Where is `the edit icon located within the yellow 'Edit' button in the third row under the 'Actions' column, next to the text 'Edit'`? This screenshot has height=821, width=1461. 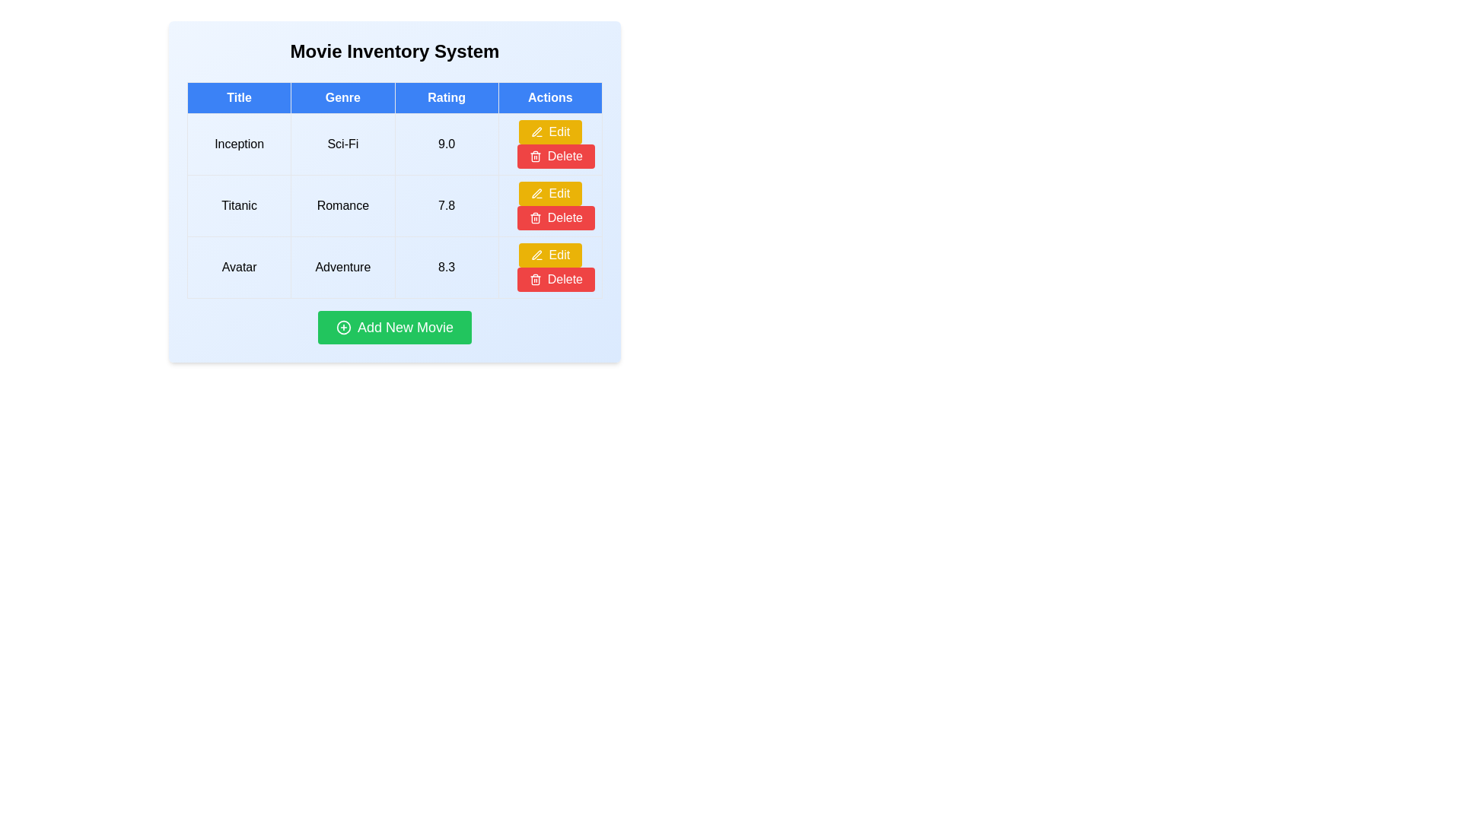
the edit icon located within the yellow 'Edit' button in the third row under the 'Actions' column, next to the text 'Edit' is located at coordinates (536, 254).